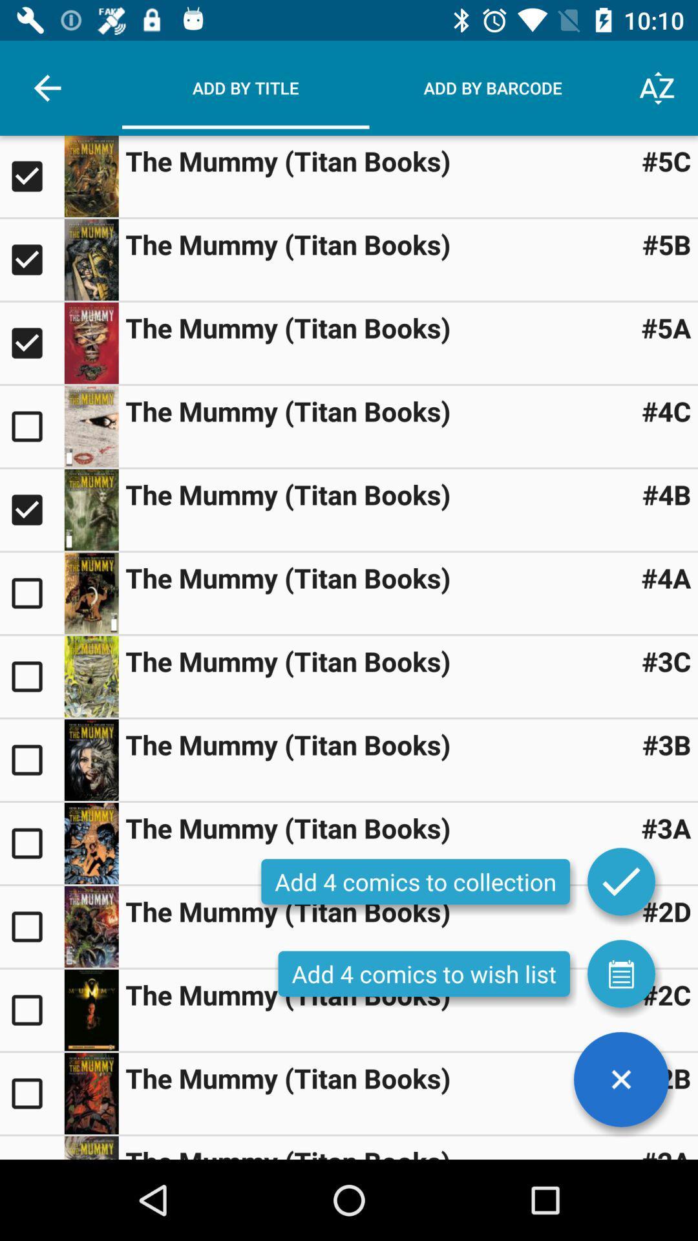  What do you see at coordinates (31, 343) in the screenshot?
I see `unselect` at bounding box center [31, 343].